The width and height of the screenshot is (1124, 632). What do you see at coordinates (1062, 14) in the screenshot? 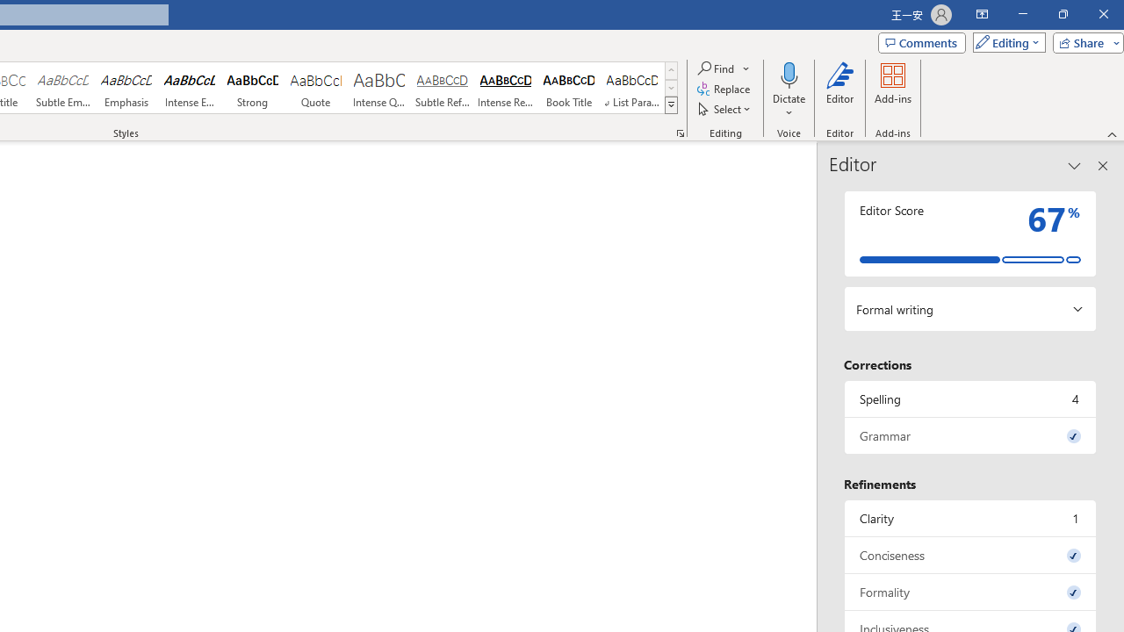
I see `'Restore Down'` at bounding box center [1062, 14].